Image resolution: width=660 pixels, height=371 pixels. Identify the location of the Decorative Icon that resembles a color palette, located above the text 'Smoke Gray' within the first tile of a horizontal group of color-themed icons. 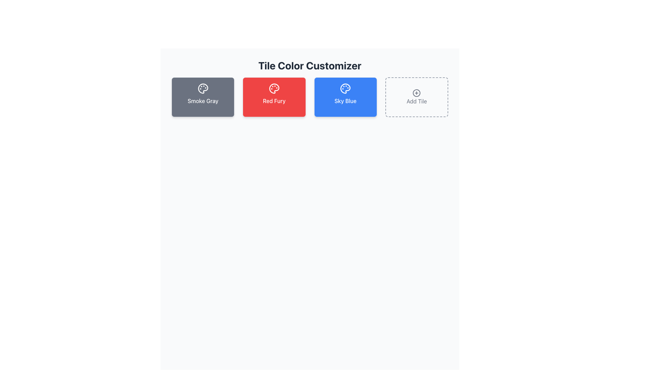
(202, 88).